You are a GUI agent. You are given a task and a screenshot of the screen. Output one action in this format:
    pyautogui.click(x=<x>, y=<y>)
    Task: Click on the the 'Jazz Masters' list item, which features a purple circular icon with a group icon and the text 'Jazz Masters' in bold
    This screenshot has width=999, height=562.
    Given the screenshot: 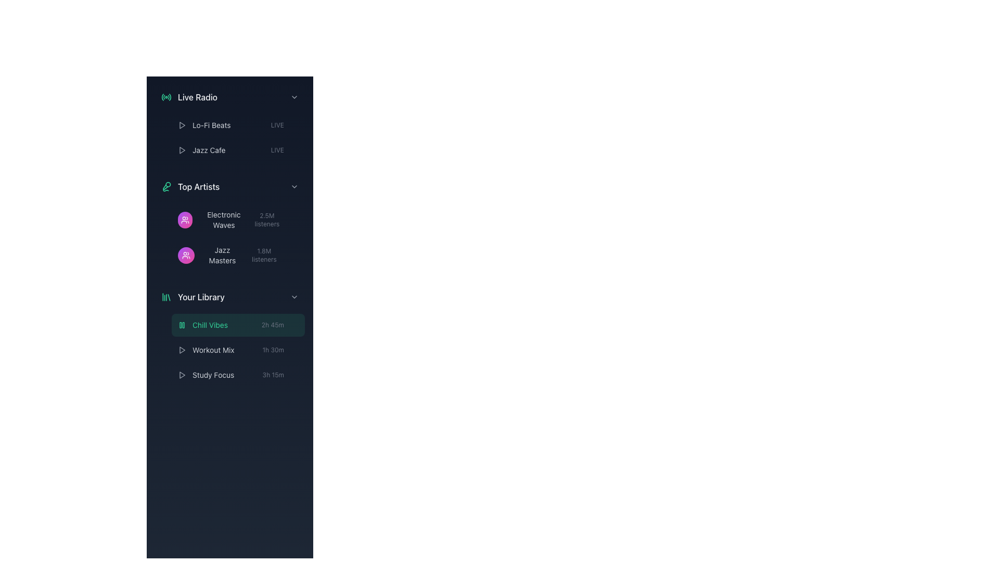 What is the action you would take?
    pyautogui.click(x=237, y=255)
    